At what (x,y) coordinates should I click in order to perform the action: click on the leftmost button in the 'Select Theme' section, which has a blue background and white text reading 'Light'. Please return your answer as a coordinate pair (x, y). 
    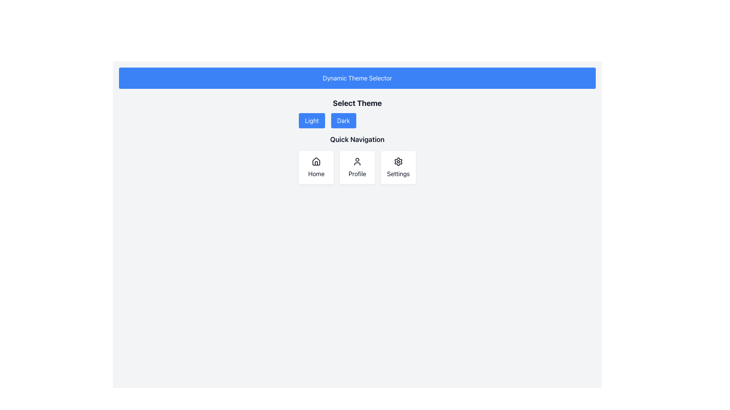
    Looking at the image, I should click on (312, 120).